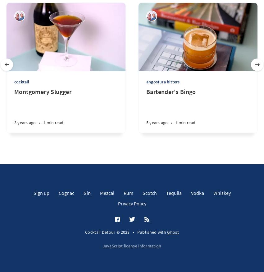 The width and height of the screenshot is (264, 272). Describe the element at coordinates (146, 82) in the screenshot. I see `'angostura bitters'` at that location.